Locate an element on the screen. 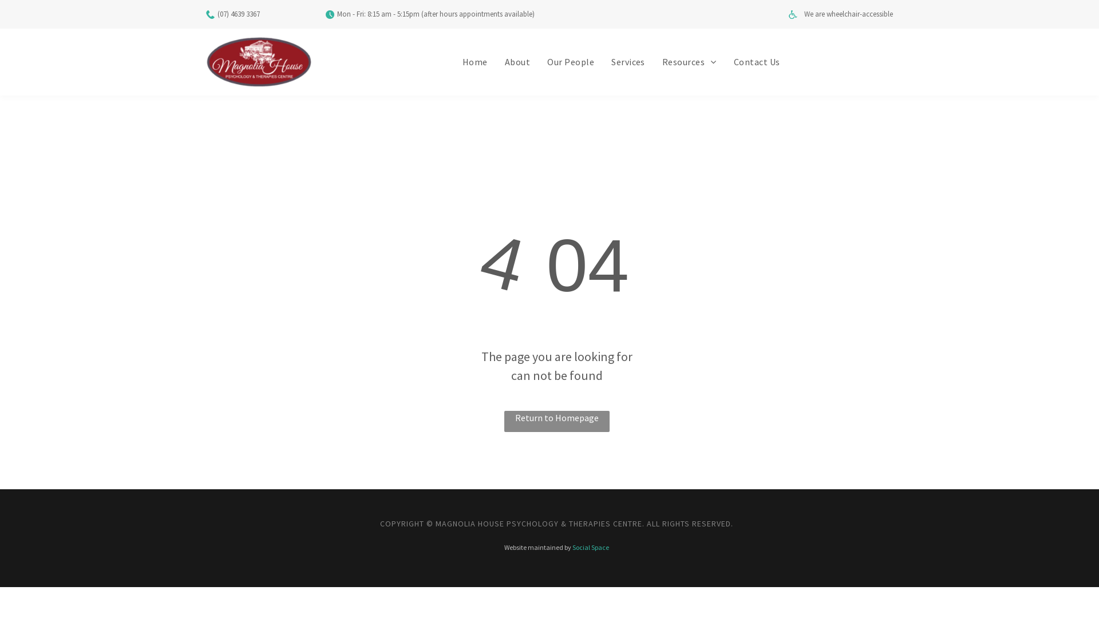 This screenshot has height=618, width=1099. 'Resources' is located at coordinates (689, 62).